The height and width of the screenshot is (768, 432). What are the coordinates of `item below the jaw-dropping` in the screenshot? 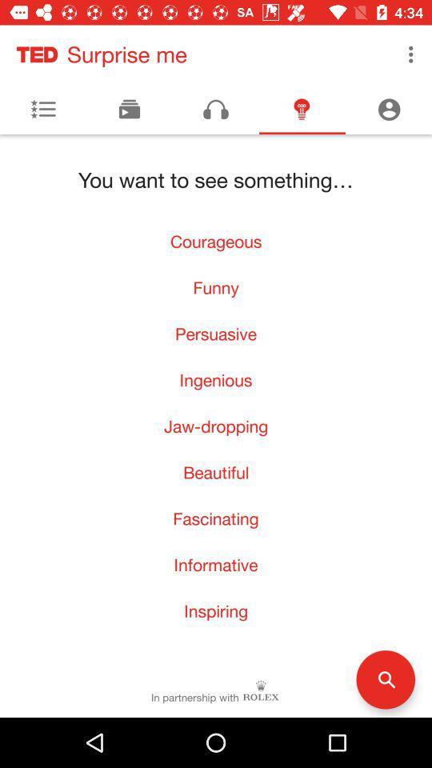 It's located at (216, 472).